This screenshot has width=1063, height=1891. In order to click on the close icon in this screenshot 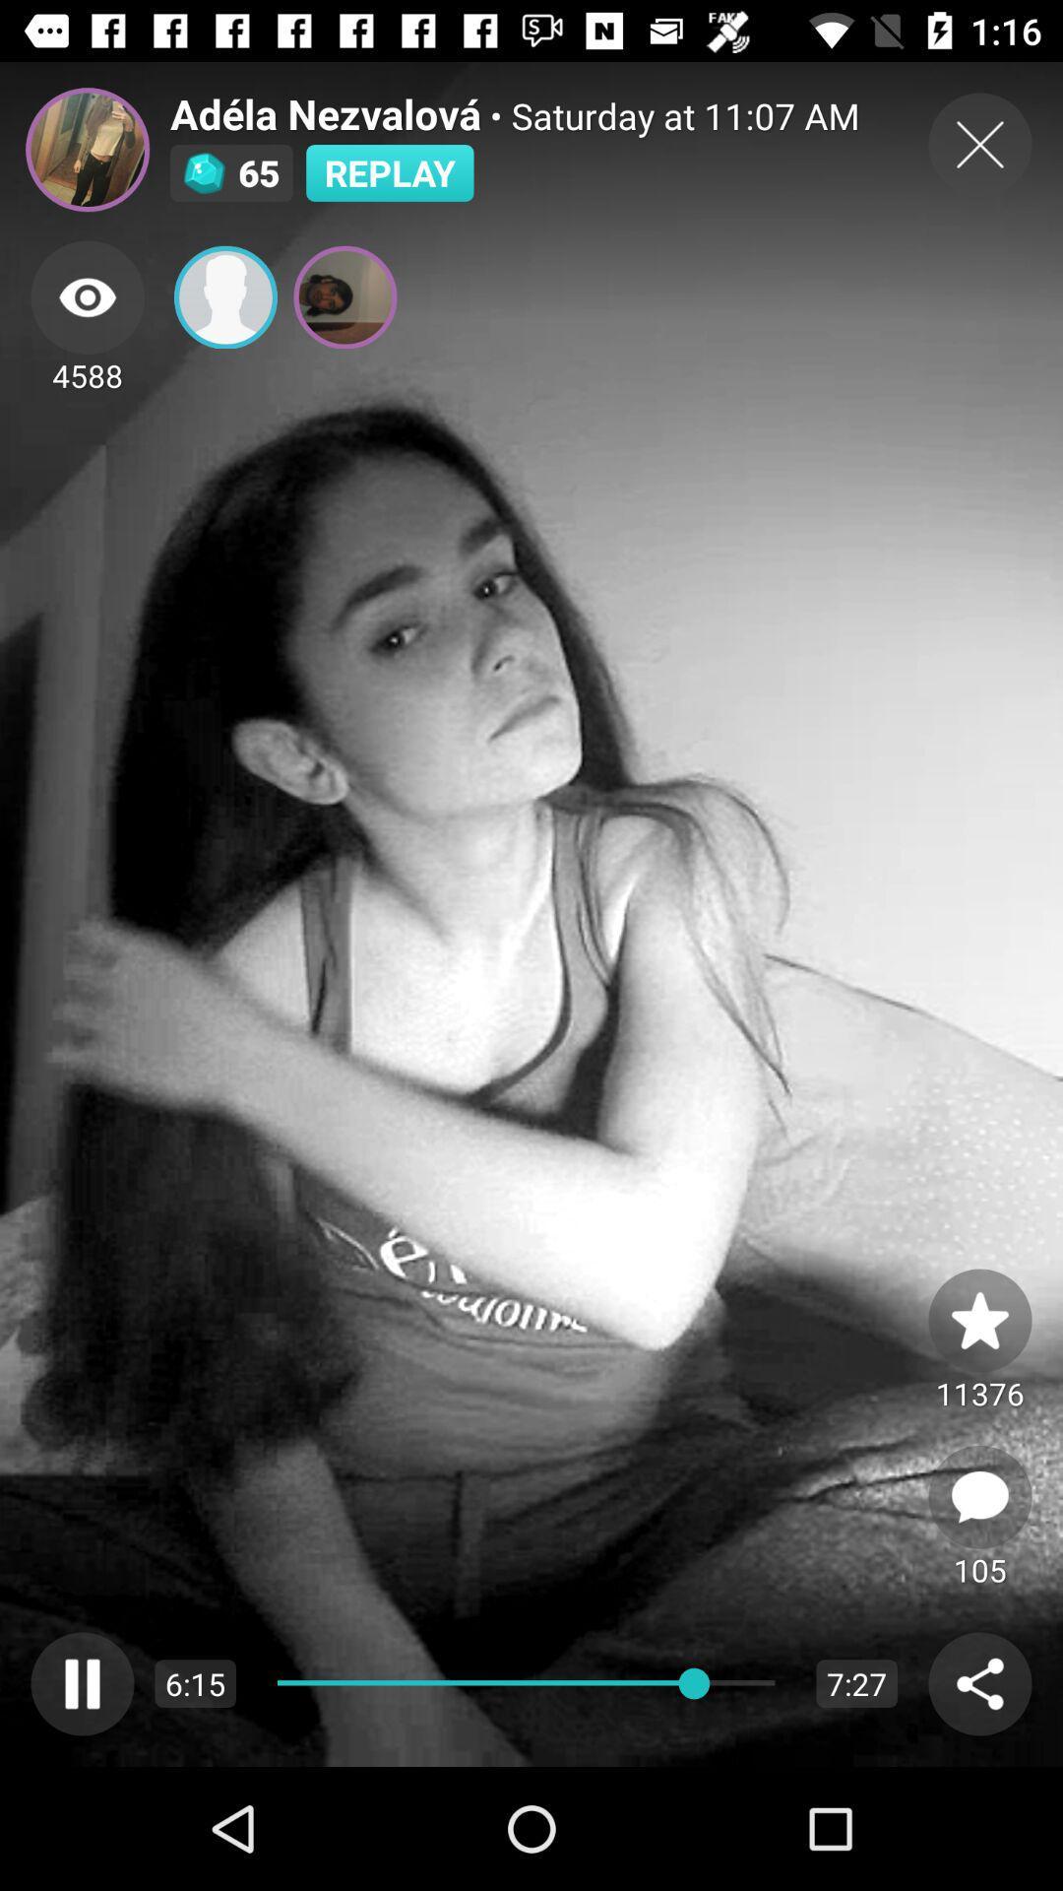, I will do `click(979, 144)`.